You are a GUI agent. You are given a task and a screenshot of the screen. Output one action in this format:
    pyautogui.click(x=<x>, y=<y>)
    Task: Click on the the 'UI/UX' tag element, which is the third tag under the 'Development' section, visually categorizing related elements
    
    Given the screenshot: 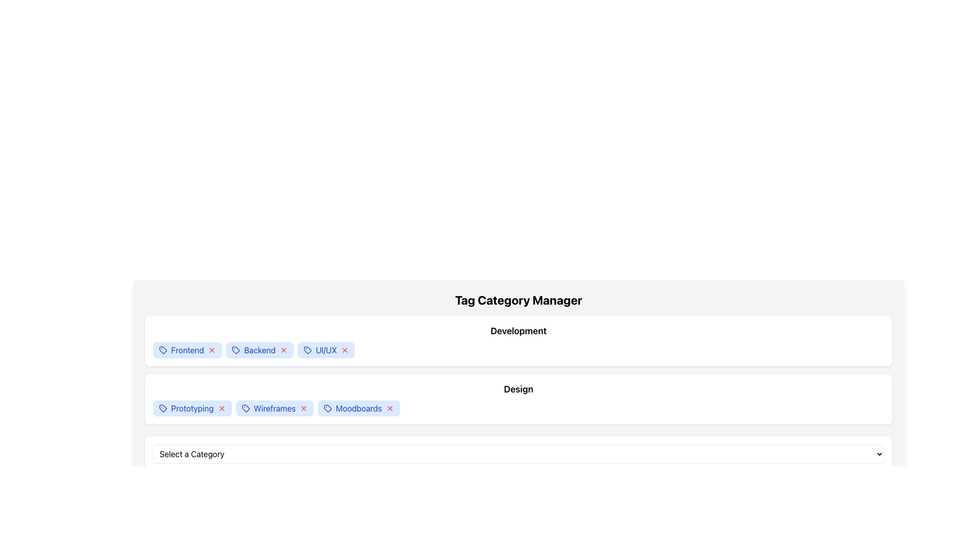 What is the action you would take?
    pyautogui.click(x=326, y=350)
    